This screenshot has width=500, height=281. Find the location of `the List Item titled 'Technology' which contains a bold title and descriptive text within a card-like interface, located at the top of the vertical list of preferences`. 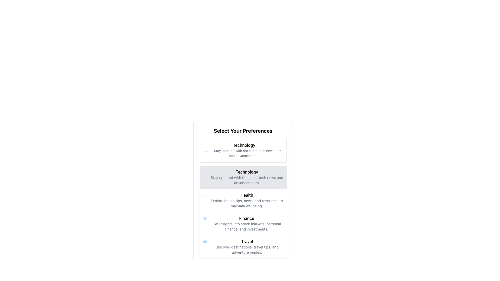

the List Item titled 'Technology' which contains a bold title and descriptive text within a card-like interface, located at the top of the vertical list of preferences is located at coordinates (243, 150).